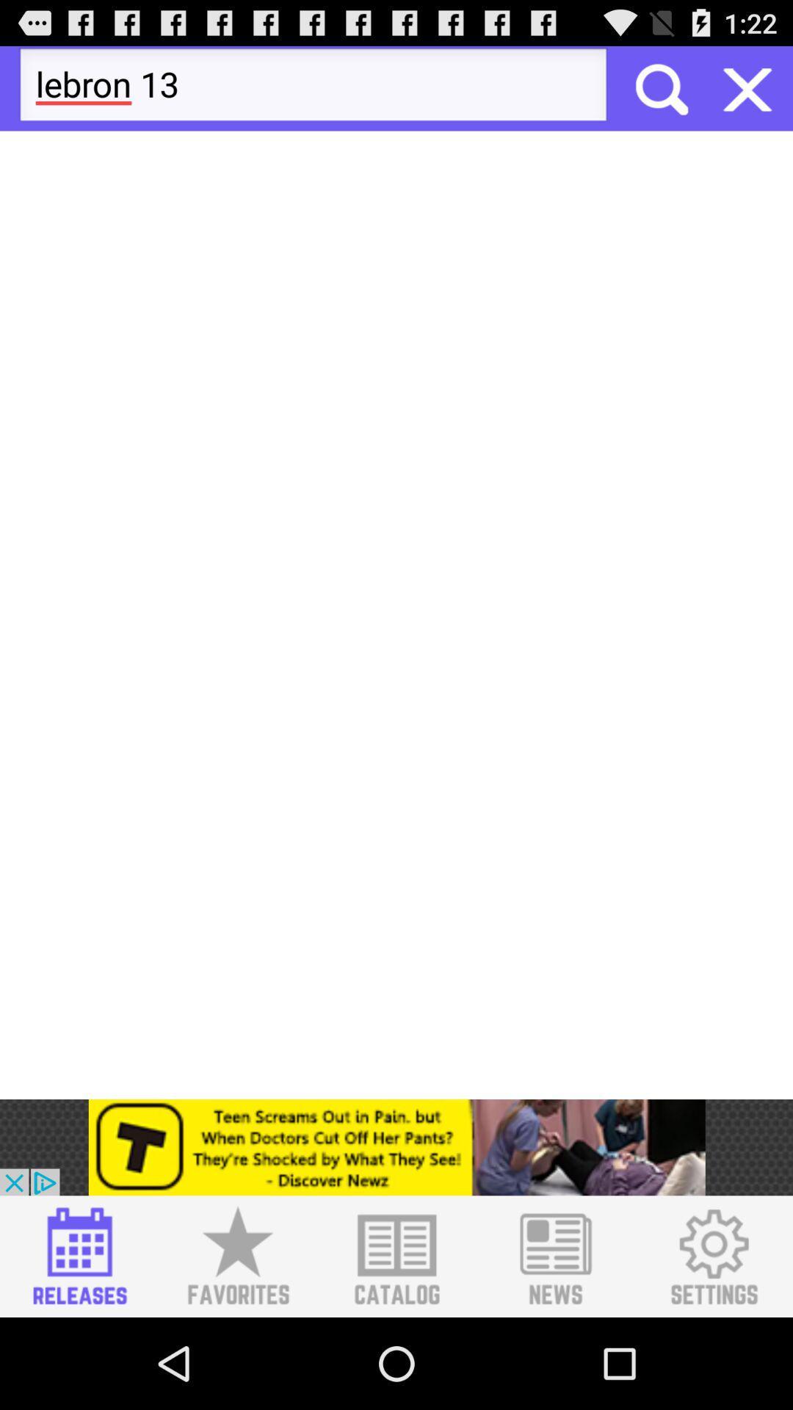  Describe the element at coordinates (79, 1256) in the screenshot. I see `sneaker releases` at that location.